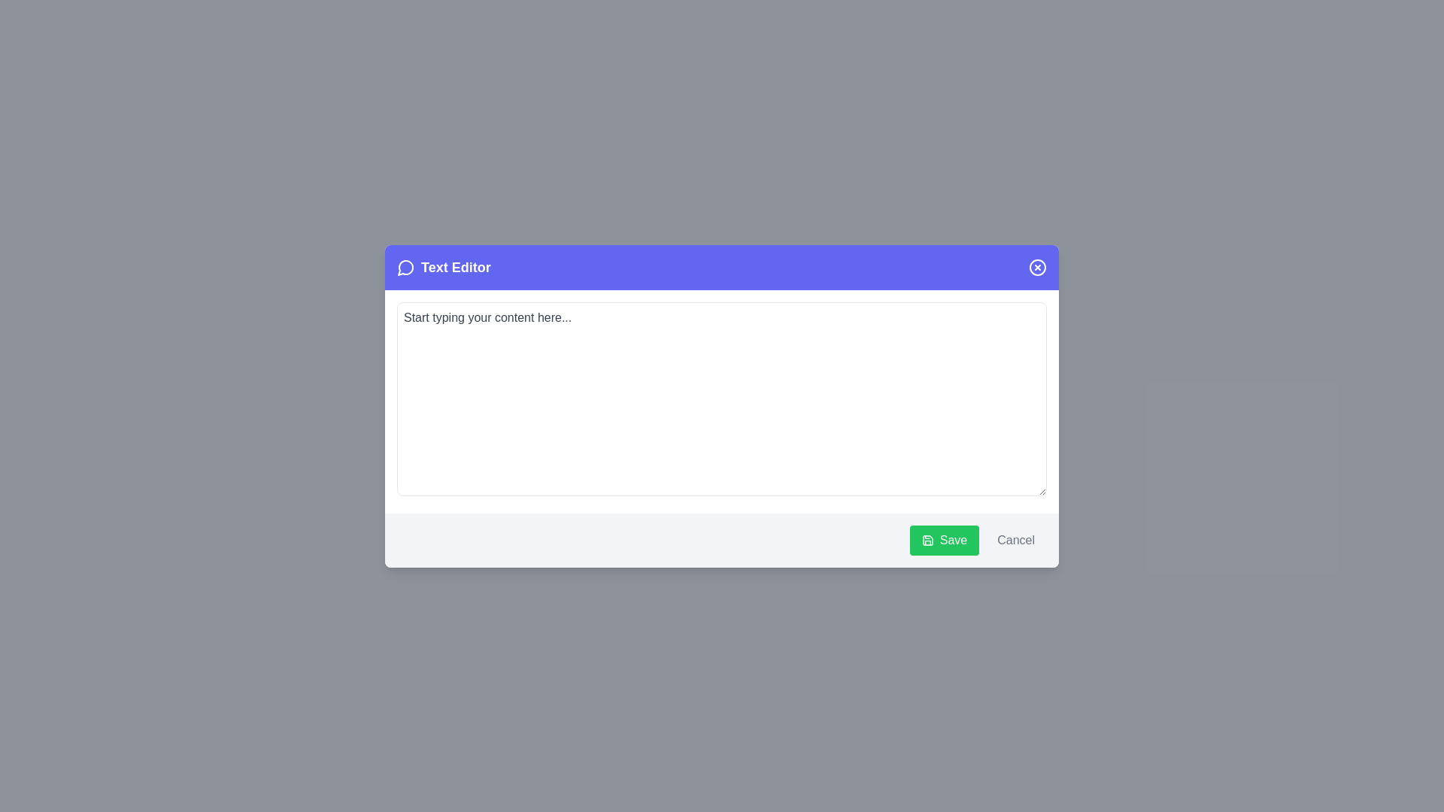 The width and height of the screenshot is (1444, 812). What do you see at coordinates (943, 539) in the screenshot?
I see `'Save' button to save the content` at bounding box center [943, 539].